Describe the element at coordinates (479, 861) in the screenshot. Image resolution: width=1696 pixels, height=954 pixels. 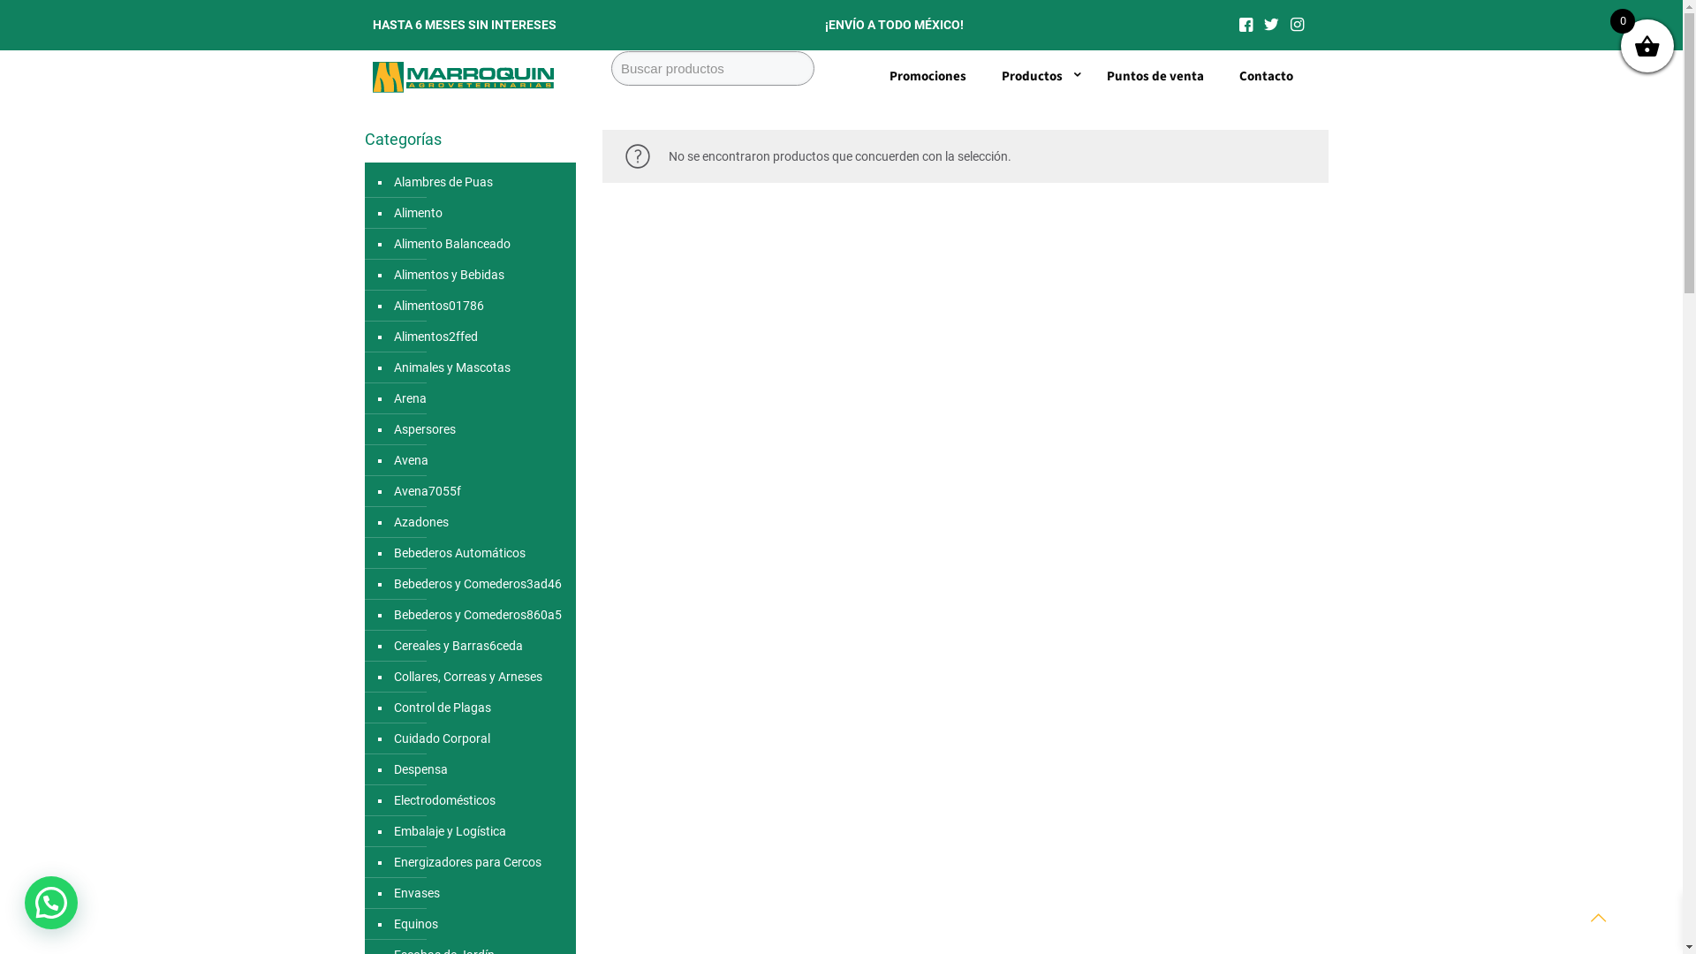
I see `'Energizadores para Cercos'` at that location.